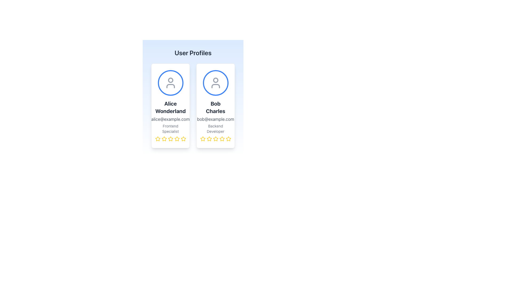  I want to click on the user icon represented as a gray SVG within the profile card, located at the top center, above the textual elements, so click(215, 83).